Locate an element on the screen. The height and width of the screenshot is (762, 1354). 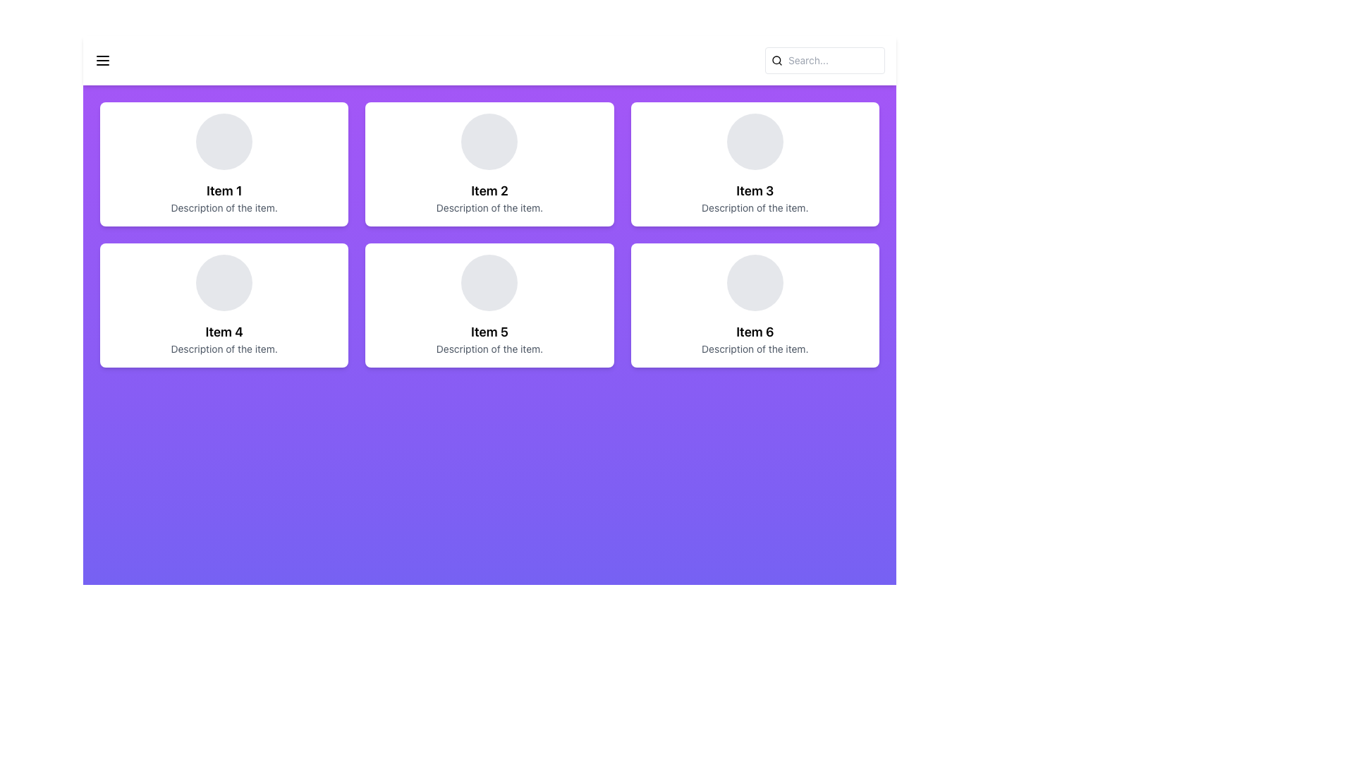
the second card in the top row of the grid layout, which displays an item summary including its title and description is located at coordinates (489, 163).